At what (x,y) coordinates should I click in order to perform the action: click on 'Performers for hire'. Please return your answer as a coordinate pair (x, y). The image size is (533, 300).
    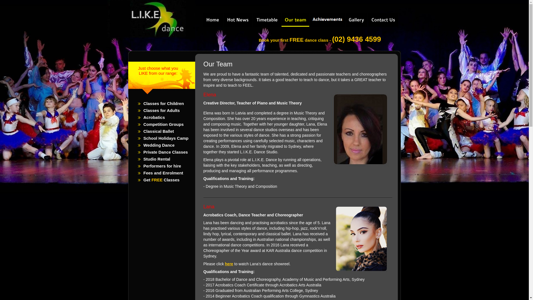
    Looking at the image, I should click on (162, 166).